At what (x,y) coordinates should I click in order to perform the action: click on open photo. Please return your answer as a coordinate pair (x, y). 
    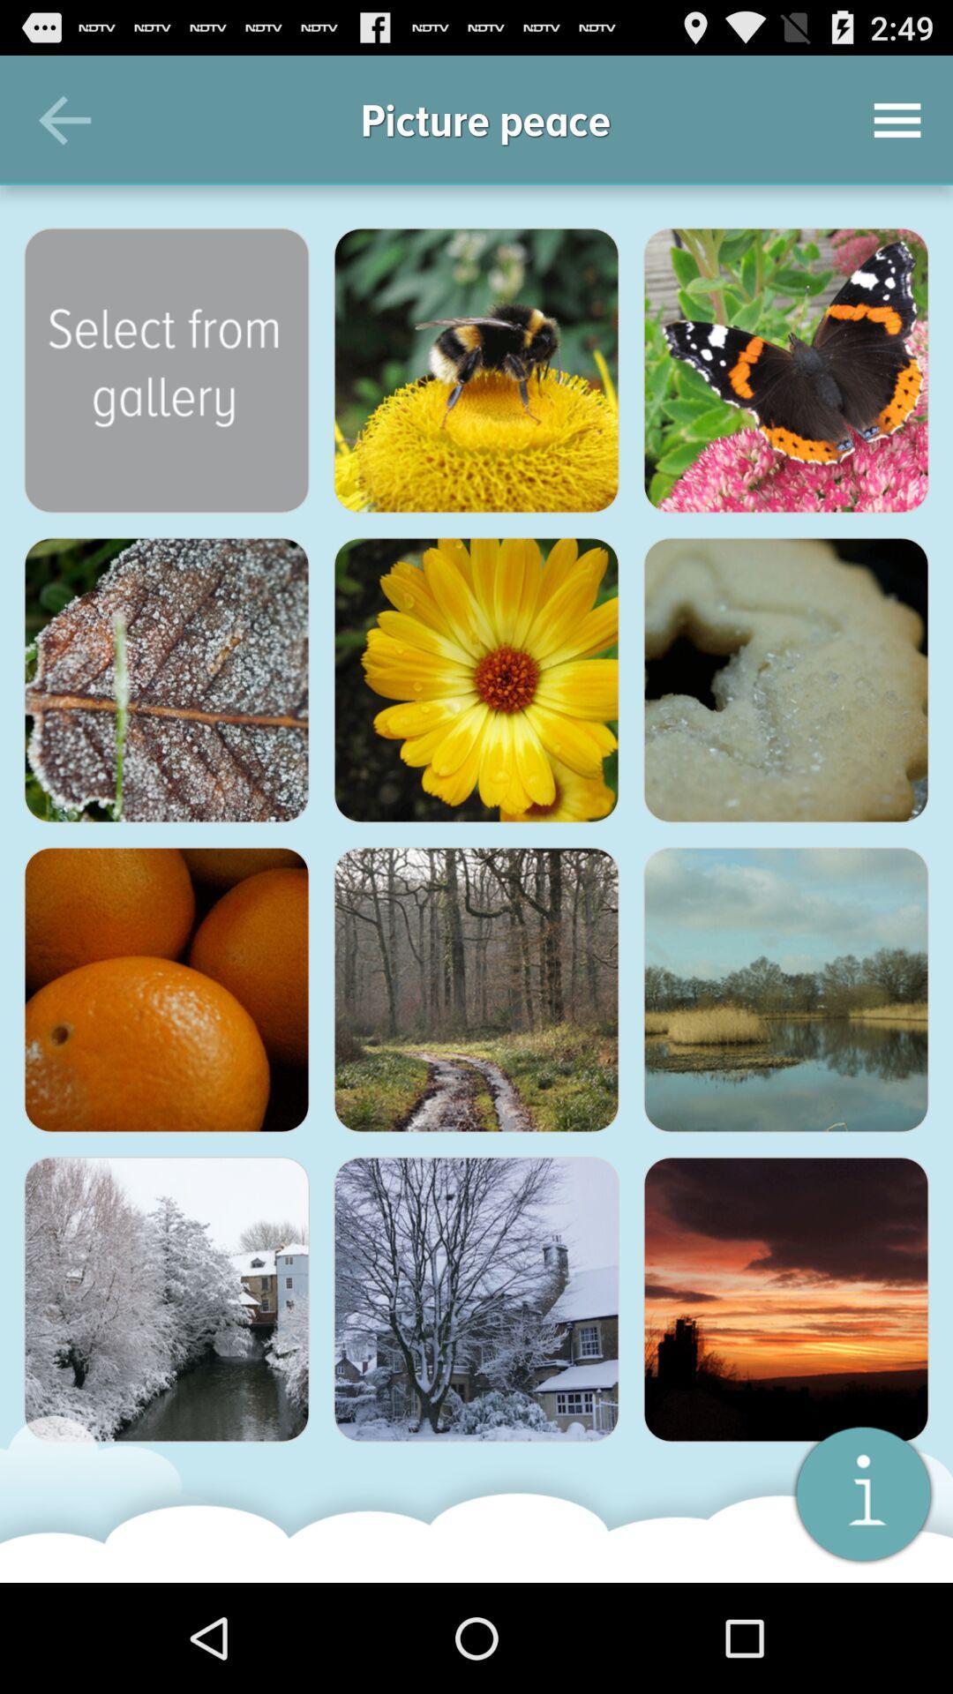
    Looking at the image, I should click on (785, 370).